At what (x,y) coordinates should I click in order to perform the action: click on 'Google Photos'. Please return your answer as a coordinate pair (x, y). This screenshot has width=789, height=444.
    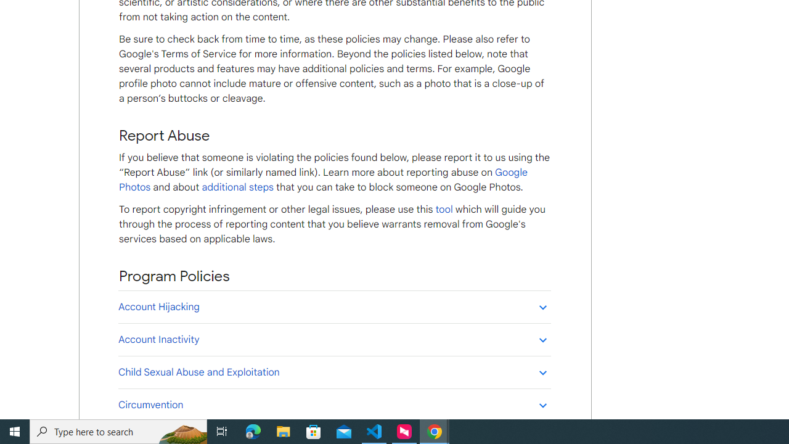
    Looking at the image, I should click on (323, 179).